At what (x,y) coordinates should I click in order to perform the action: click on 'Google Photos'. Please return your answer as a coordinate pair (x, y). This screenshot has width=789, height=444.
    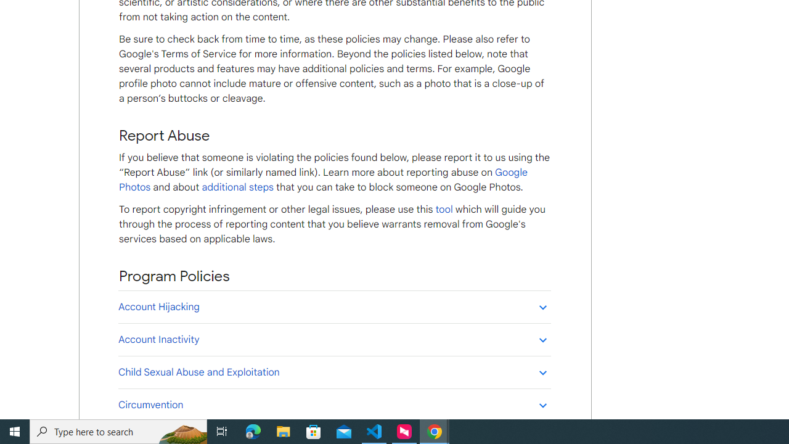
    Looking at the image, I should click on (323, 179).